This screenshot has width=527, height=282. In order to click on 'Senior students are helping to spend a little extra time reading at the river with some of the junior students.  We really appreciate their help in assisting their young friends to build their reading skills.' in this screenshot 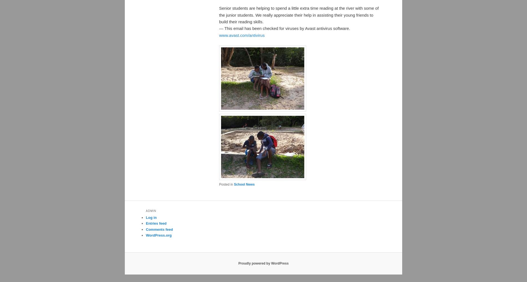, I will do `click(299, 15)`.